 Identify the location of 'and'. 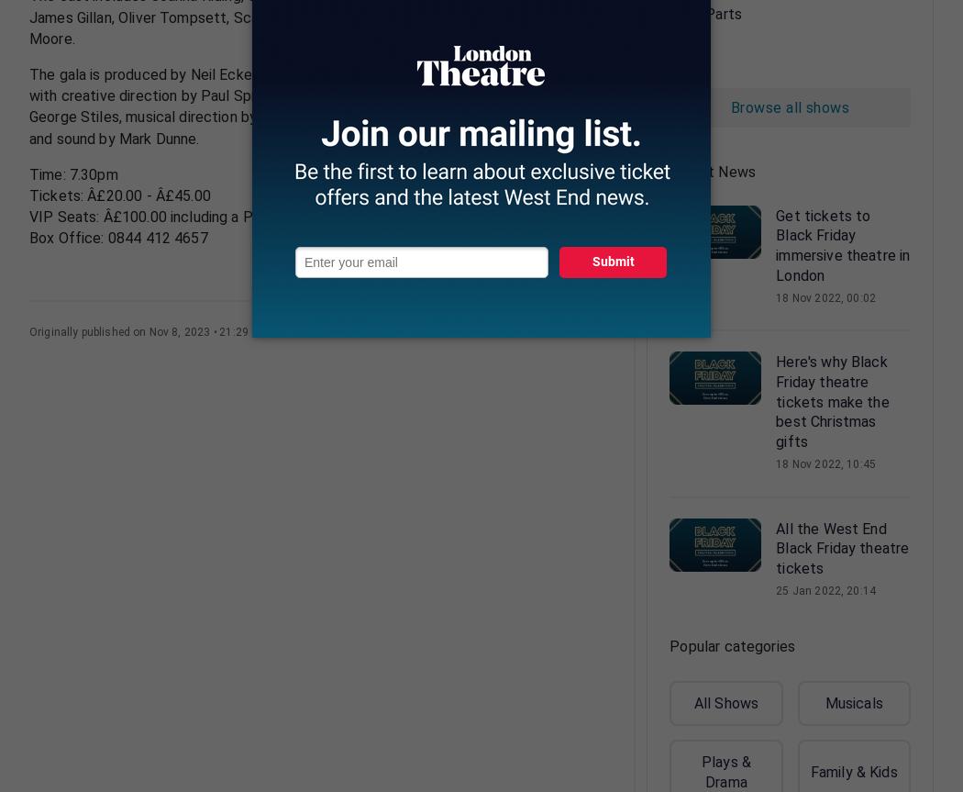
(539, 17).